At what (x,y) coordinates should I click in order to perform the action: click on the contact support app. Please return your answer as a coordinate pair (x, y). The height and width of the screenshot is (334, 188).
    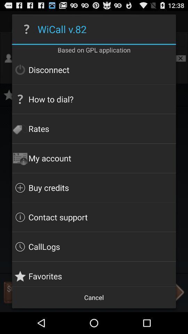
    Looking at the image, I should click on (94, 217).